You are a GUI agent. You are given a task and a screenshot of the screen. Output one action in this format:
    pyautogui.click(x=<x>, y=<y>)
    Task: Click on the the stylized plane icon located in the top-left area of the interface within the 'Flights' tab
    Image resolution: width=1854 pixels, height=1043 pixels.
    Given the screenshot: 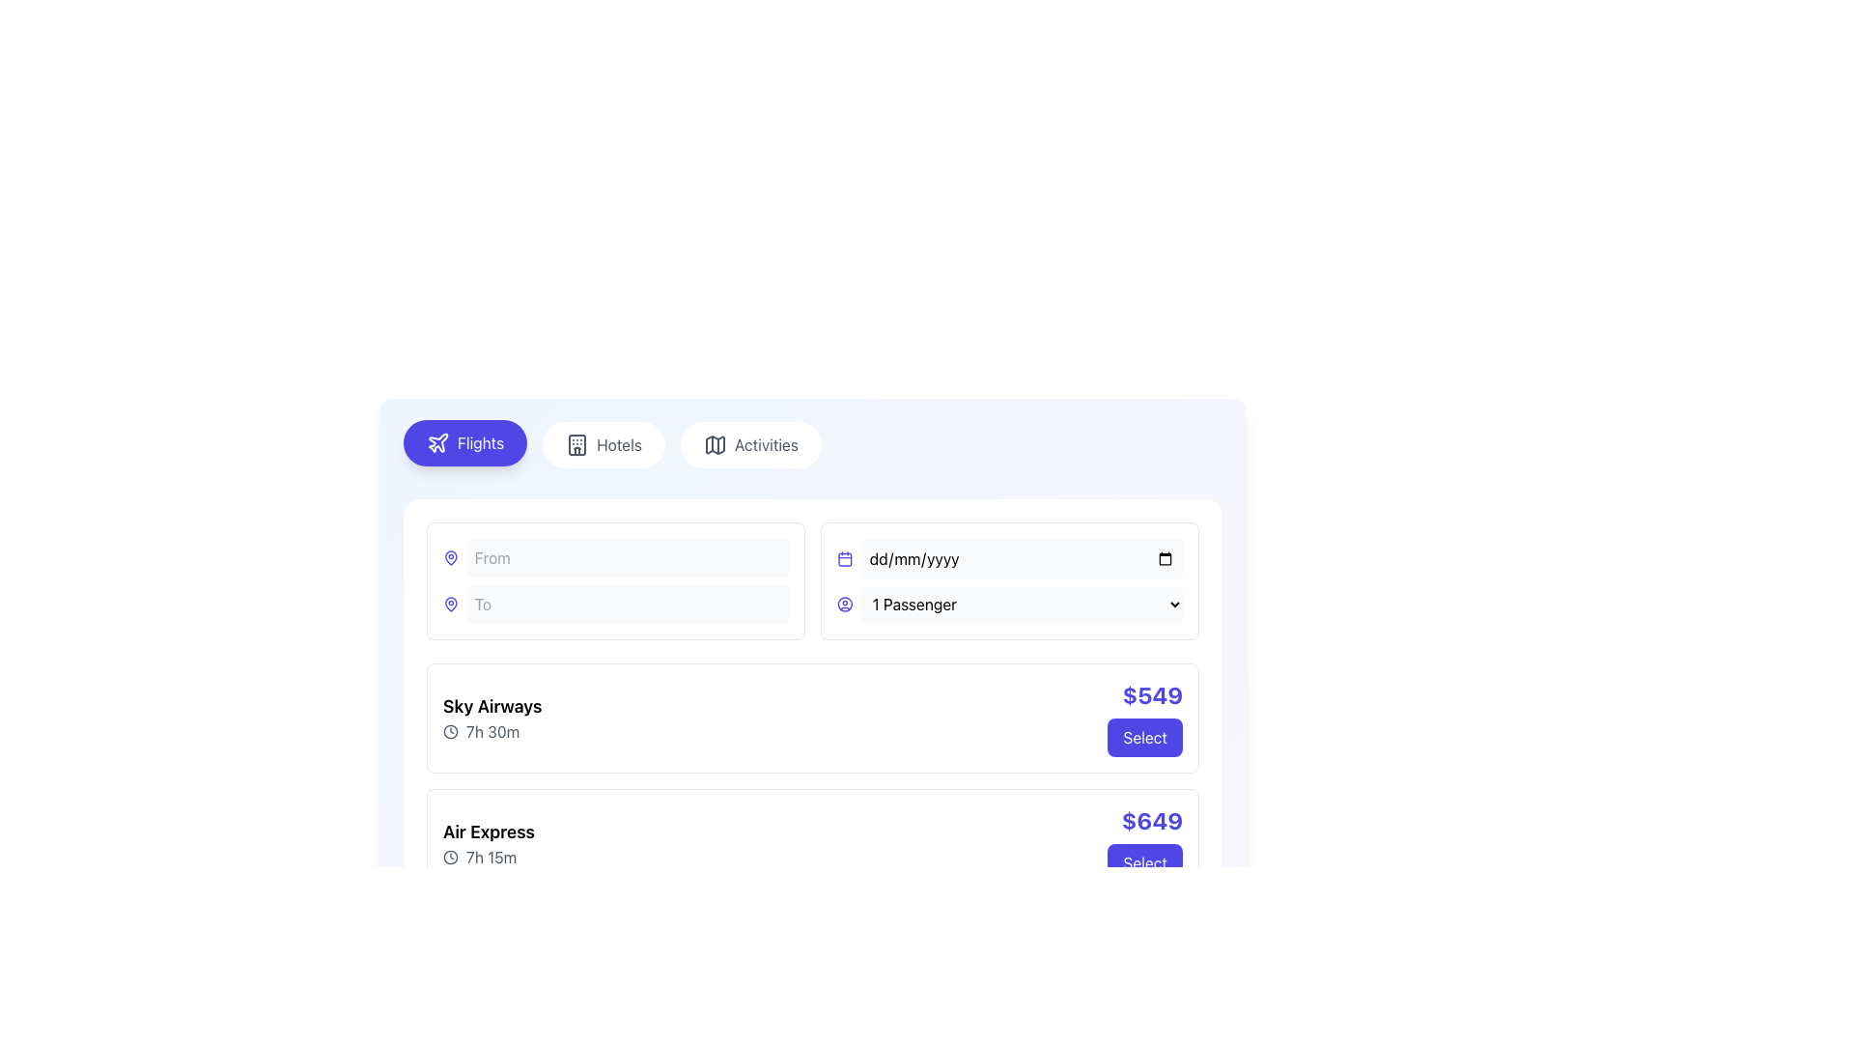 What is the action you would take?
    pyautogui.click(x=437, y=442)
    